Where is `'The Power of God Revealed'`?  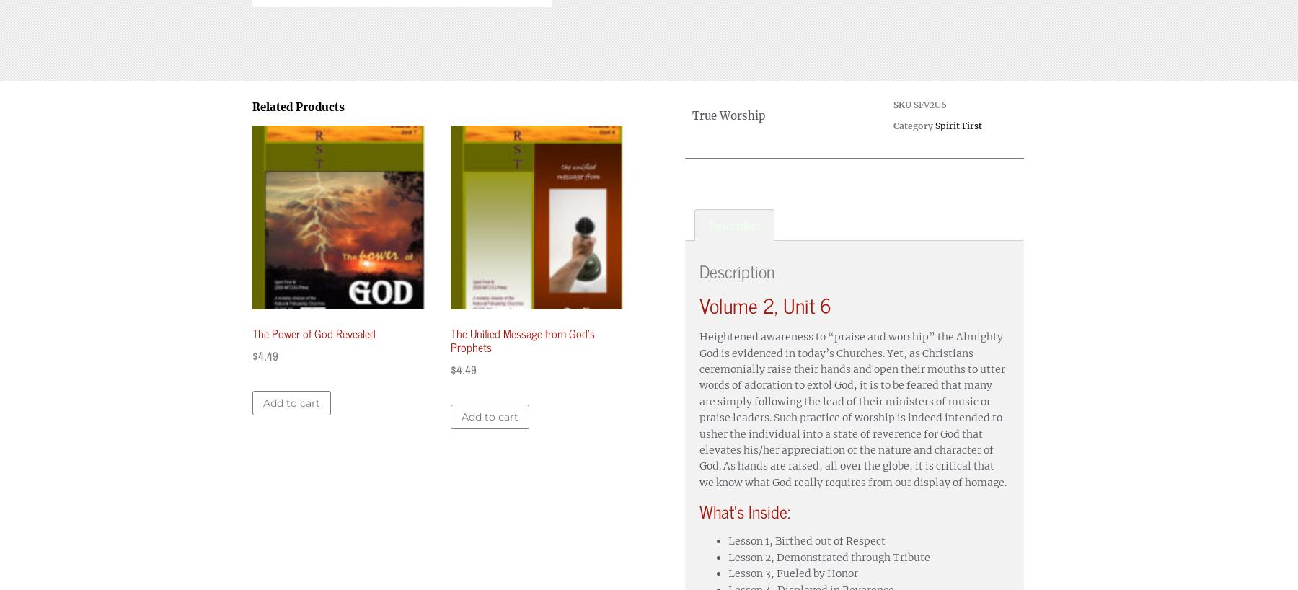 'The Power of God Revealed' is located at coordinates (314, 332).